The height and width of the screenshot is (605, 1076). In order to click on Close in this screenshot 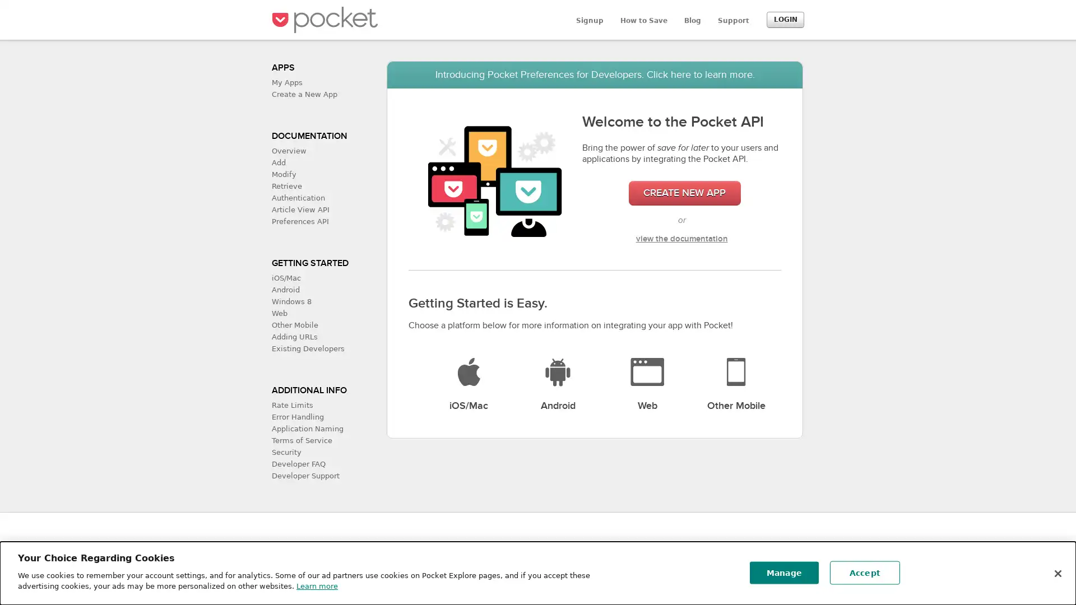, I will do `click(1057, 573)`.